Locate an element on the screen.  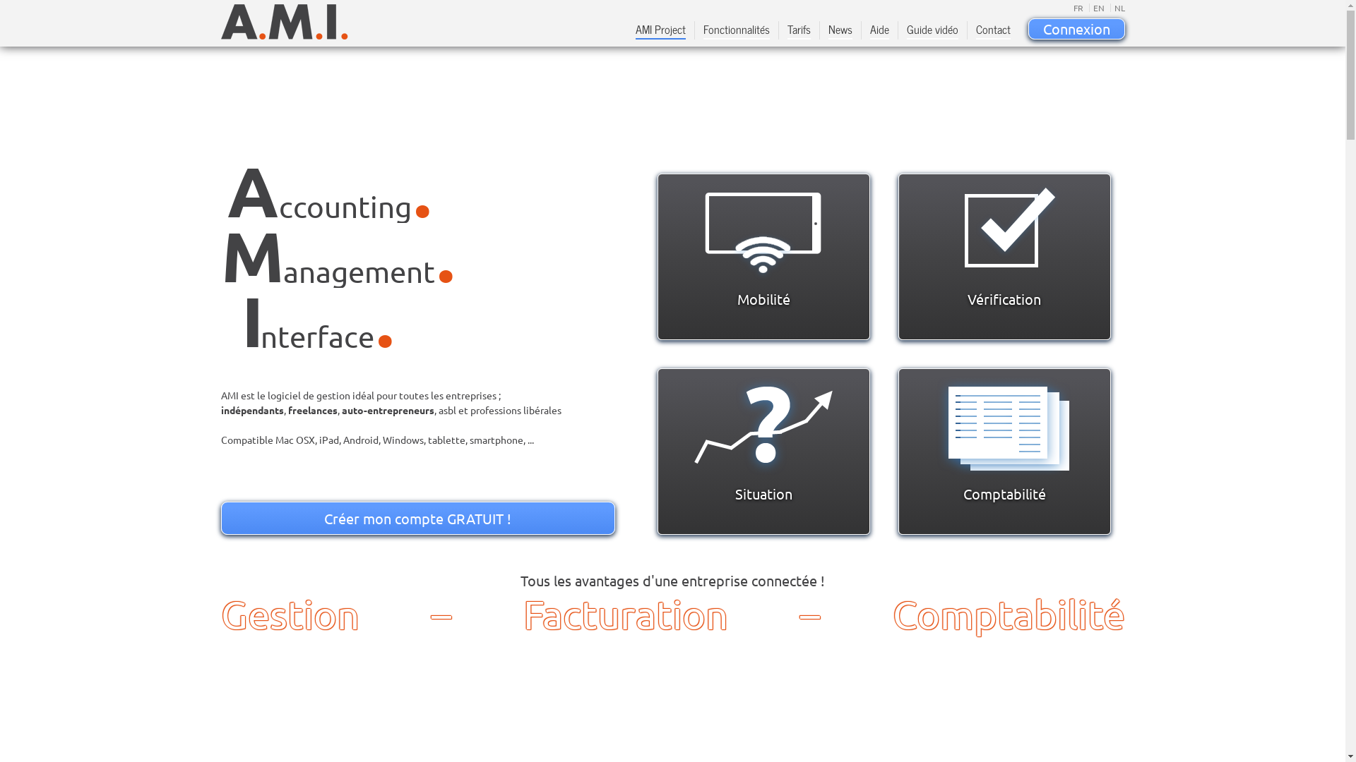
'News' is located at coordinates (840, 31).